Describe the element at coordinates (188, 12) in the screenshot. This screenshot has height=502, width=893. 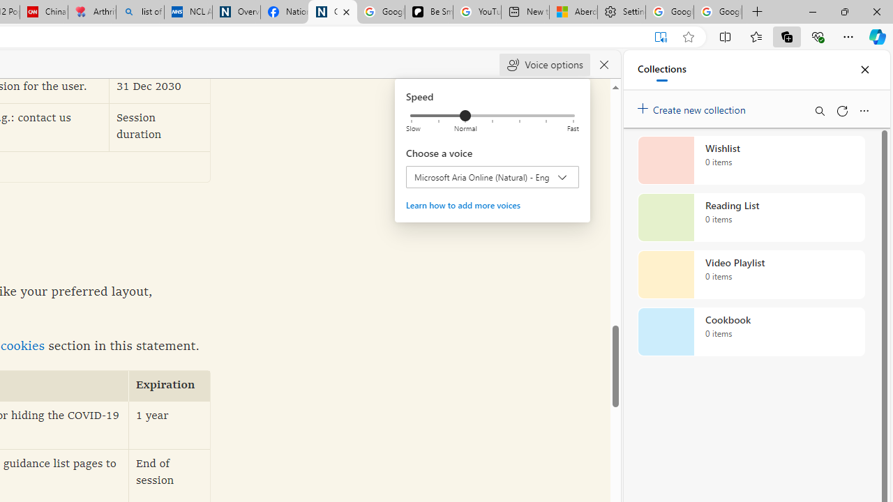
I see `'NCL Adult Asthma Inhaler Choice Guideline'` at that location.